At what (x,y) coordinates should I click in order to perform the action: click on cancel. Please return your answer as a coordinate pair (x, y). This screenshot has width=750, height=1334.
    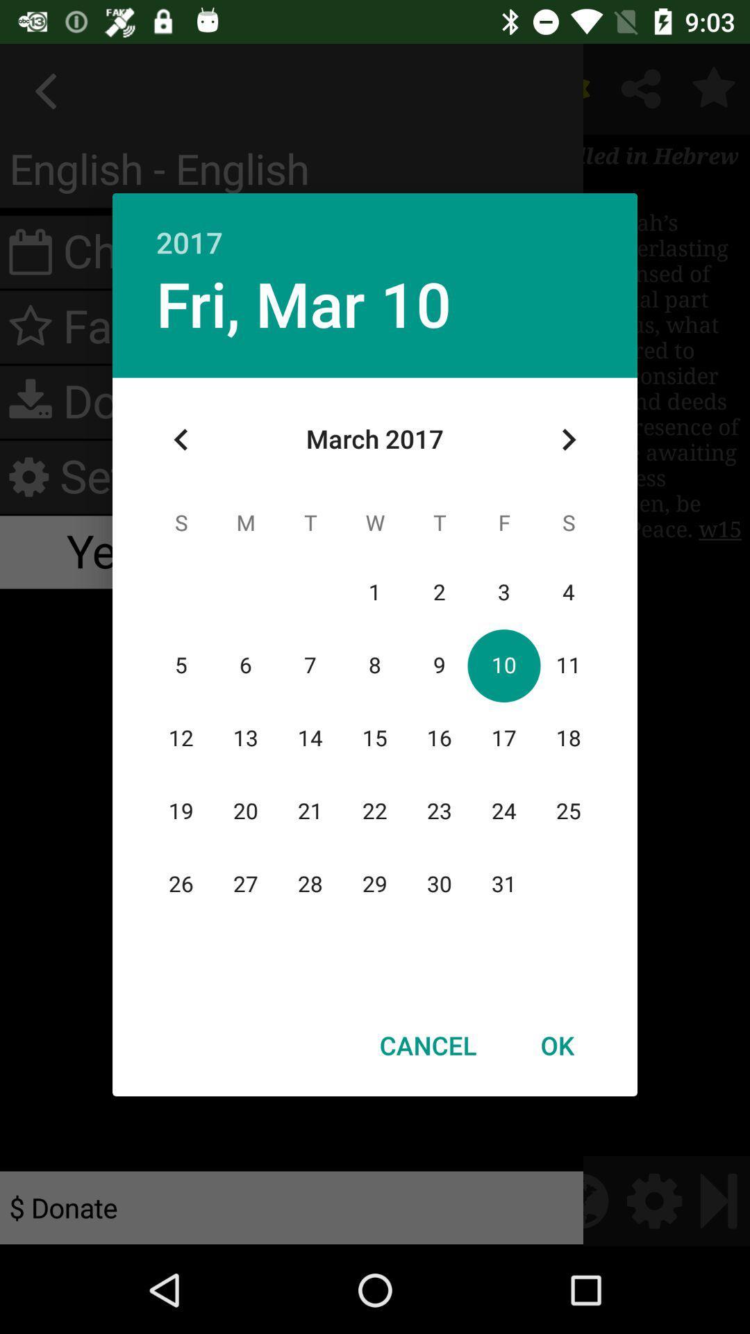
    Looking at the image, I should click on (427, 1045).